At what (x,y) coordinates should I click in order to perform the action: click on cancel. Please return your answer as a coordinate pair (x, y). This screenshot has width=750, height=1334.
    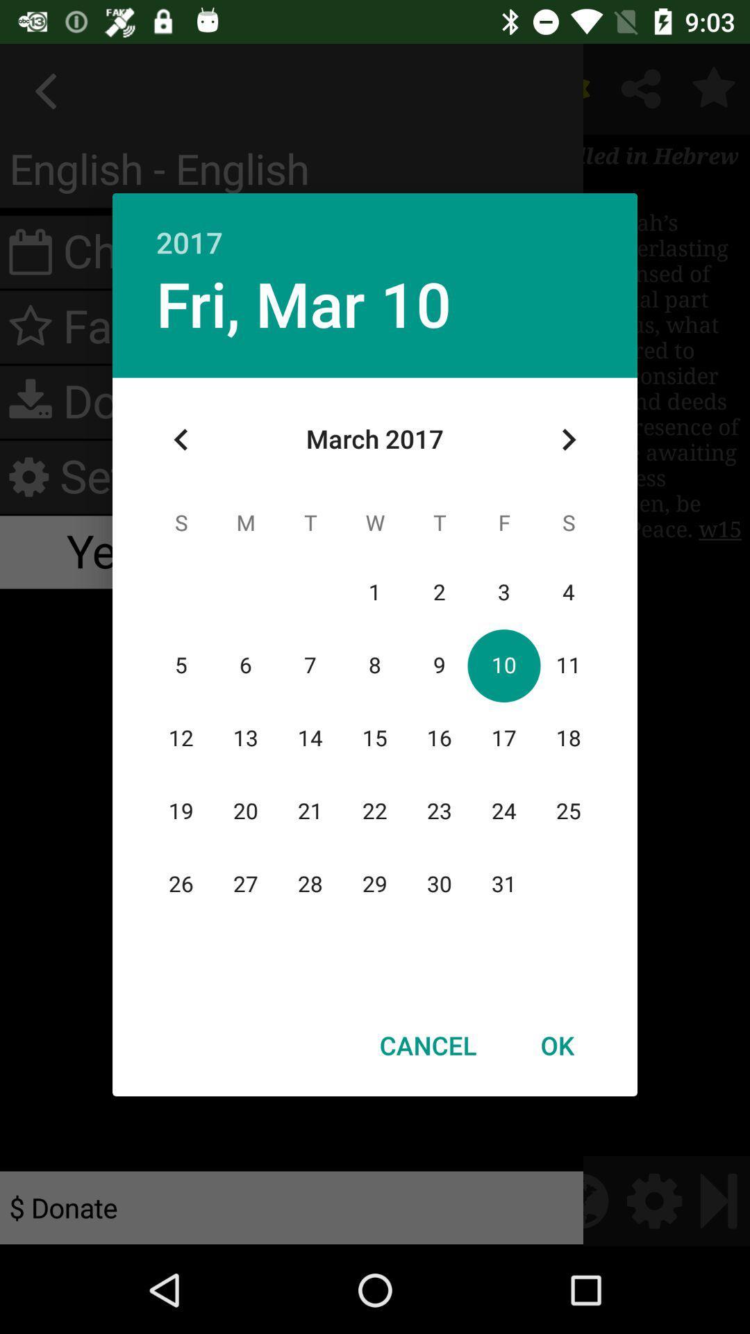
    Looking at the image, I should click on (427, 1045).